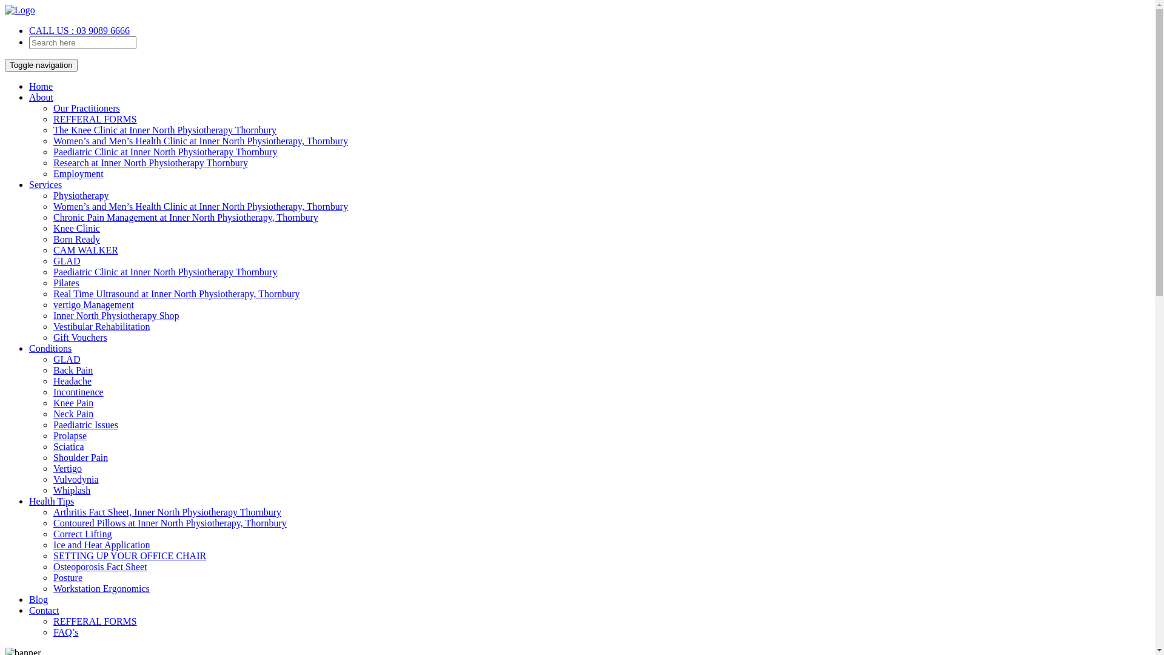 The height and width of the screenshot is (655, 1164). What do you see at coordinates (52, 566) in the screenshot?
I see `'Osteoporosis Fact Sheet'` at bounding box center [52, 566].